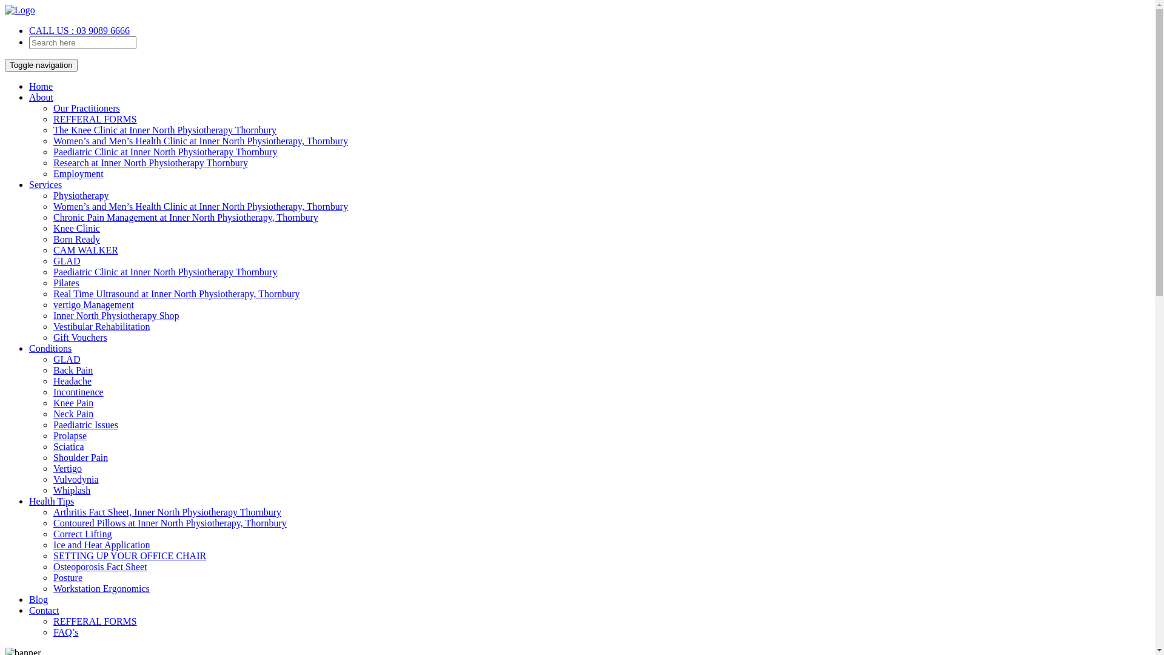 The height and width of the screenshot is (655, 1164). What do you see at coordinates (52, 566) in the screenshot?
I see `'Osteoporosis Fact Sheet'` at bounding box center [52, 566].